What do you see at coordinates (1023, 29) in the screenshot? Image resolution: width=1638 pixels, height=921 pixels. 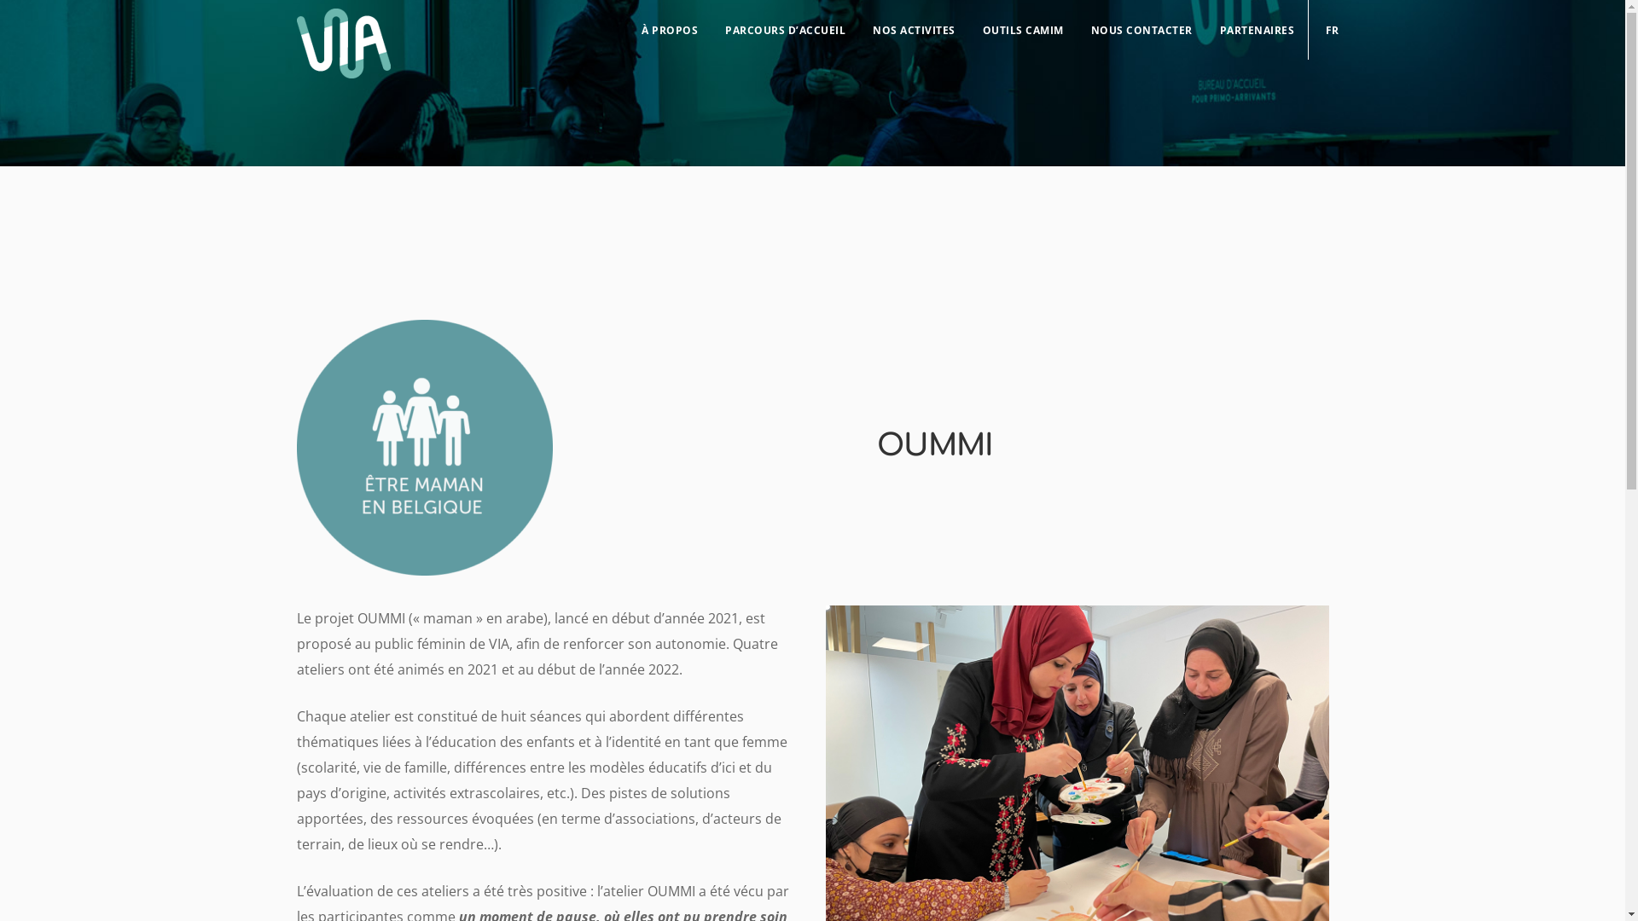 I see `'OUTILS CAMIM'` at bounding box center [1023, 29].